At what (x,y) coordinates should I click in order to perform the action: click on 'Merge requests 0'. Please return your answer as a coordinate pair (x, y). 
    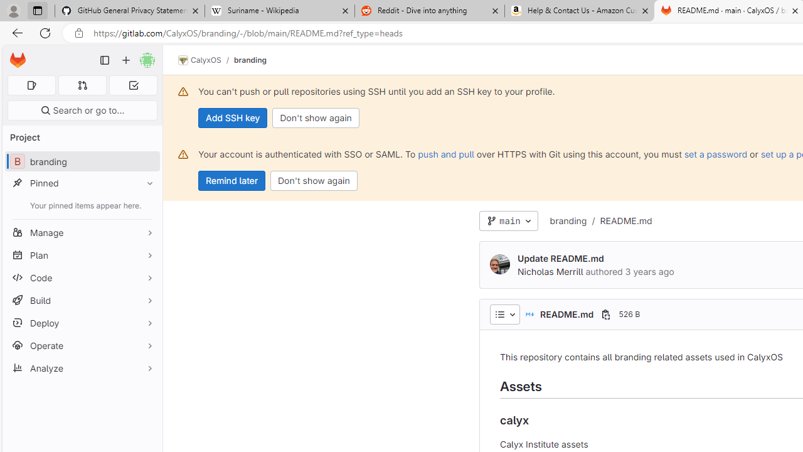
    Looking at the image, I should click on (82, 85).